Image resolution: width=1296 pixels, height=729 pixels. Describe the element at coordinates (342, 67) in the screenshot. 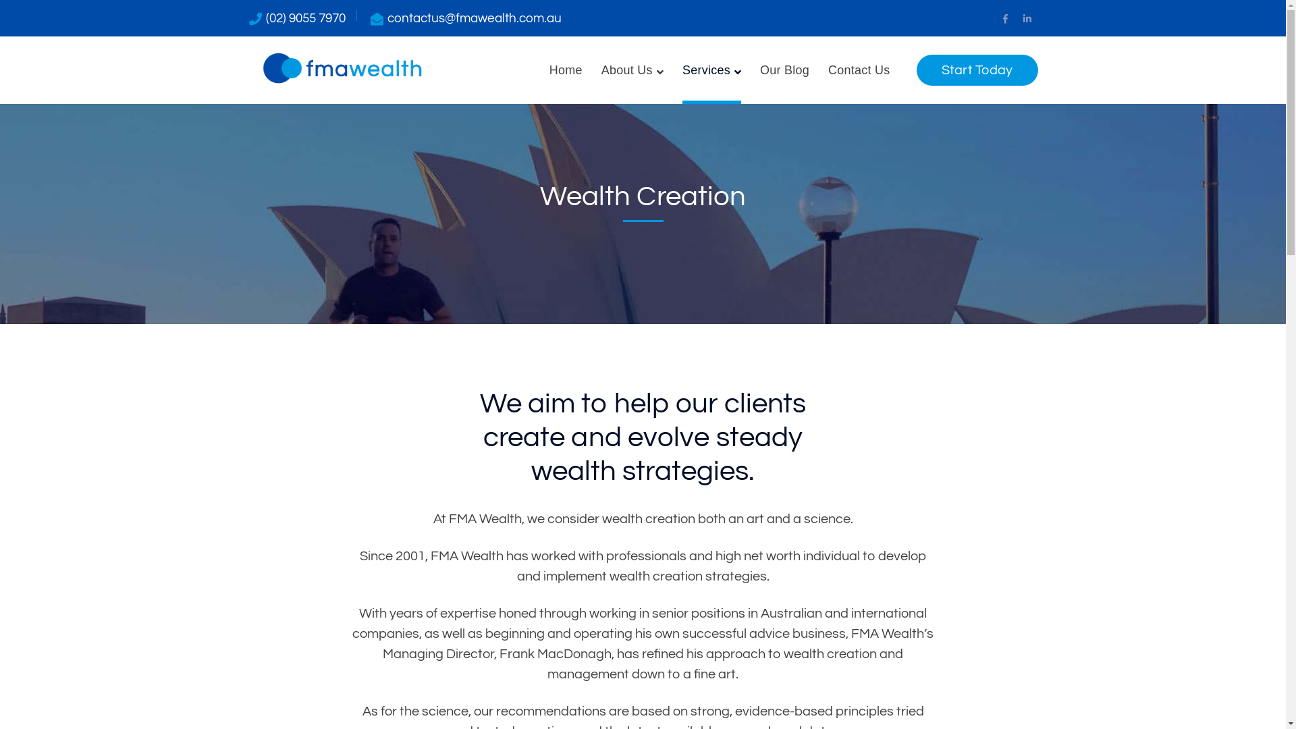

I see `'FMA Wealth'` at that location.